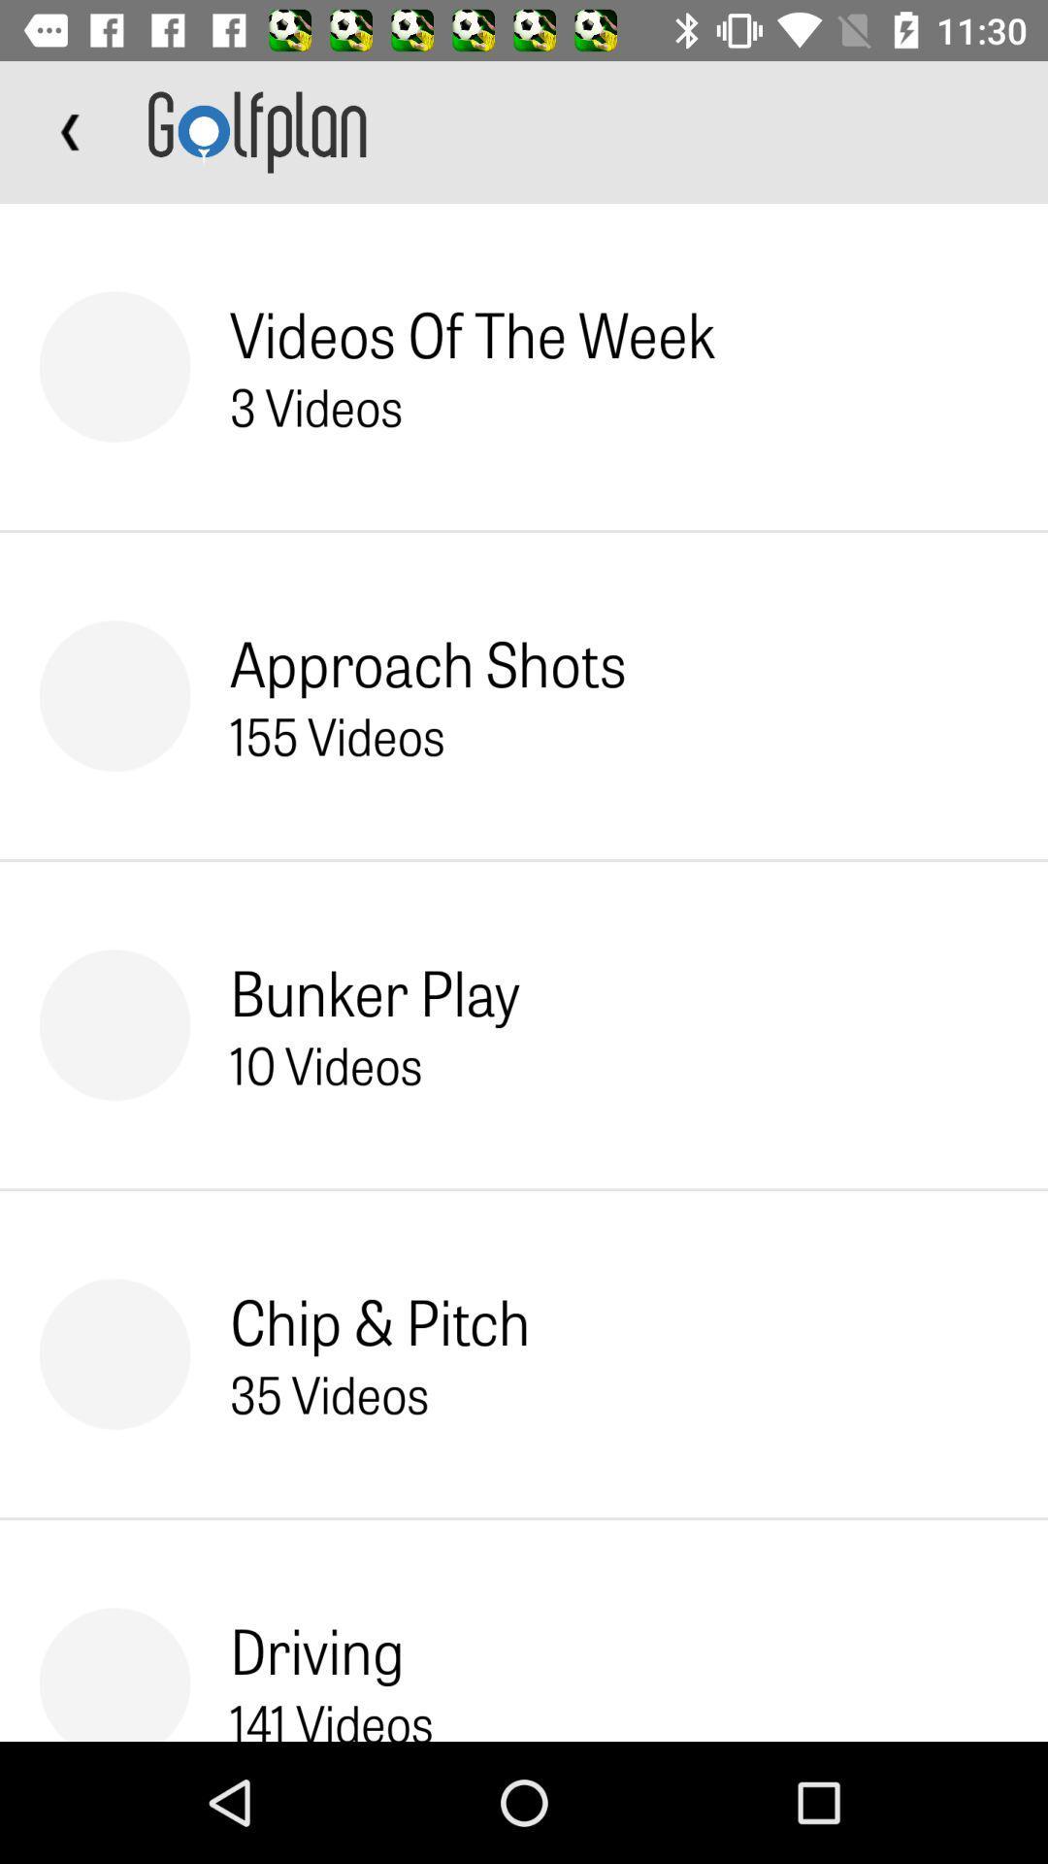 The height and width of the screenshot is (1864, 1048). What do you see at coordinates (336, 734) in the screenshot?
I see `the icon below approach shots item` at bounding box center [336, 734].